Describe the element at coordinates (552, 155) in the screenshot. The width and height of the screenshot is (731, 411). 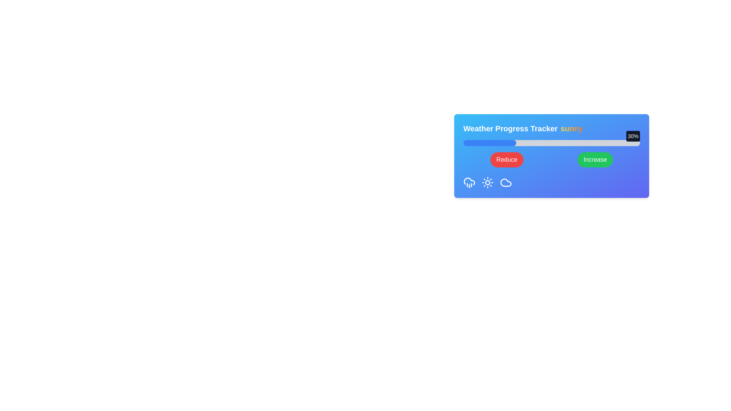
I see `the weather icons located within the Dashboard panel, which features a gradient background and various UI components, for potential interactions` at that location.